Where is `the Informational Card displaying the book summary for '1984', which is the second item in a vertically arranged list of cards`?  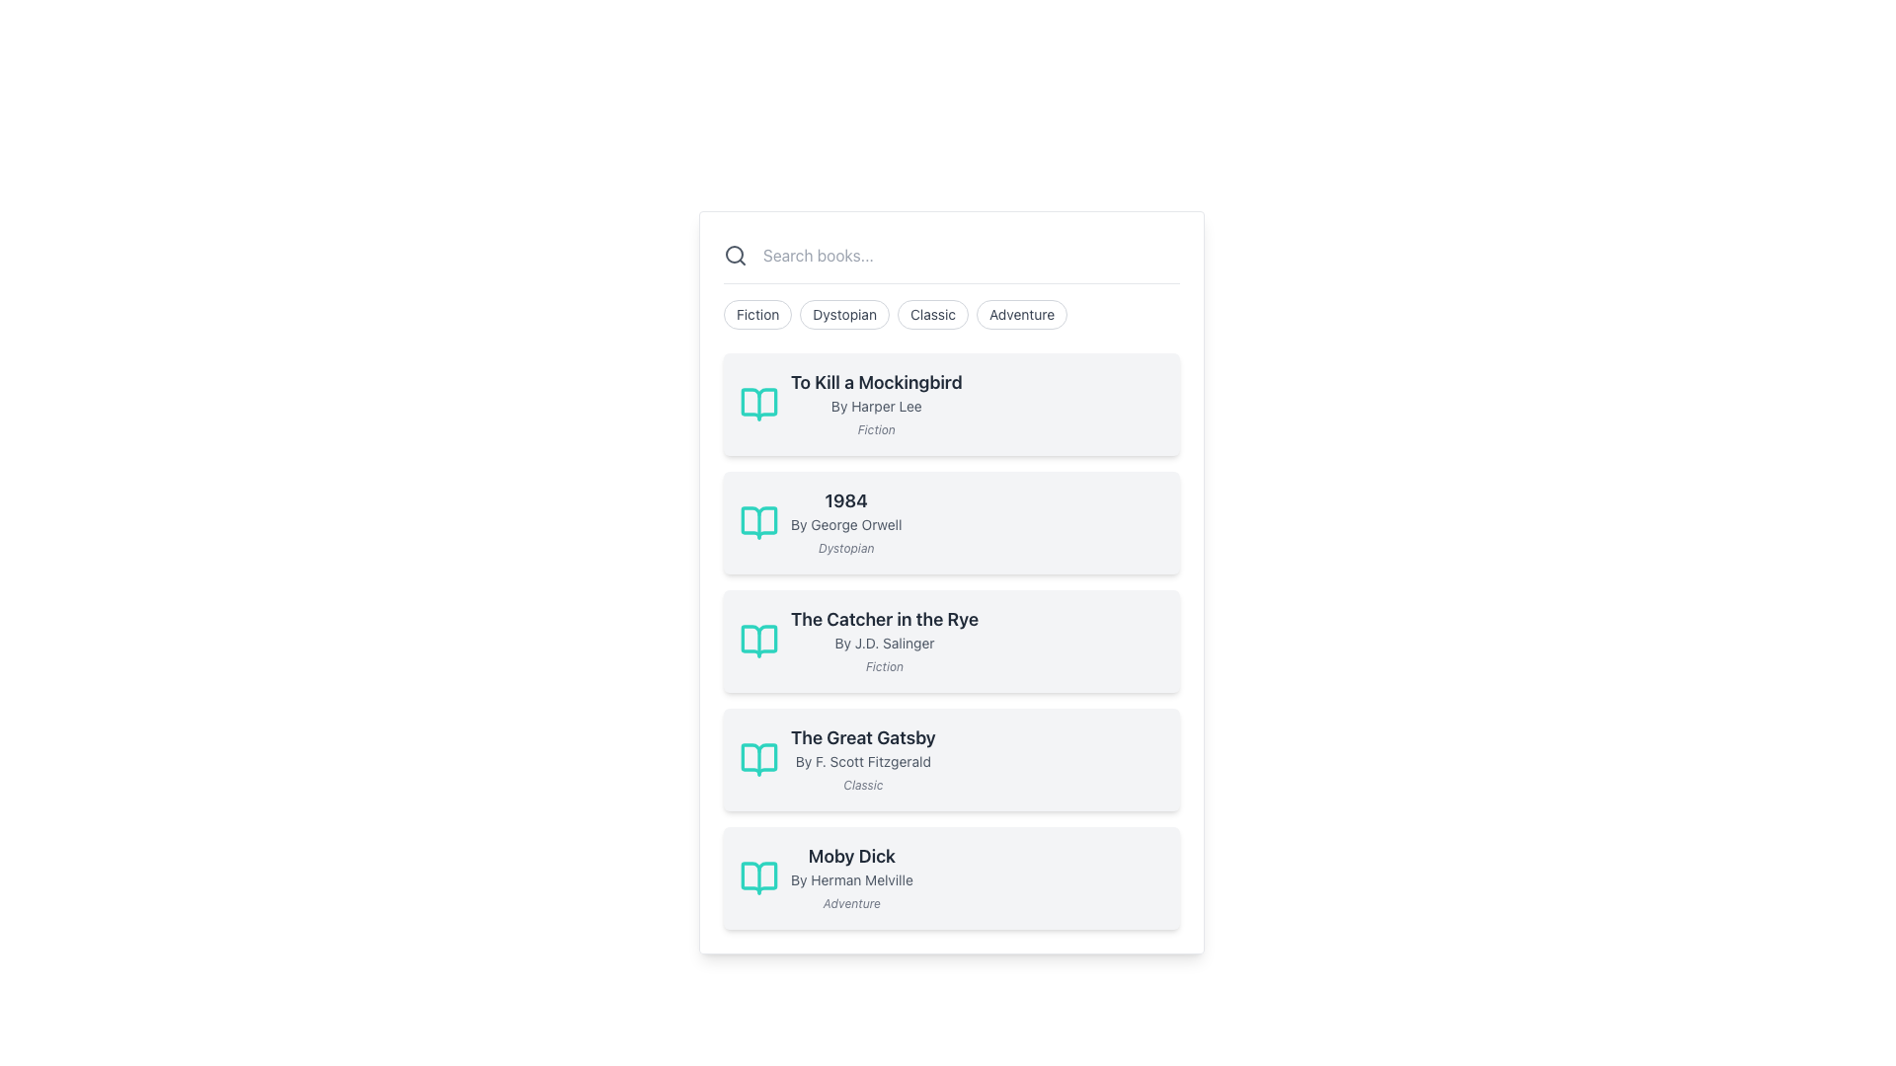
the Informational Card displaying the book summary for '1984', which is the second item in a vertically arranged list of cards is located at coordinates (952, 521).